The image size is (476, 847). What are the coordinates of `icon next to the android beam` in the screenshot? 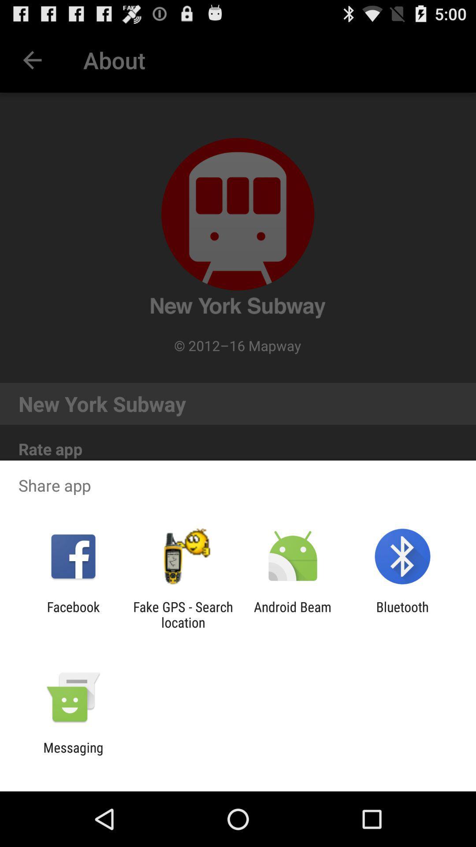 It's located at (182, 614).